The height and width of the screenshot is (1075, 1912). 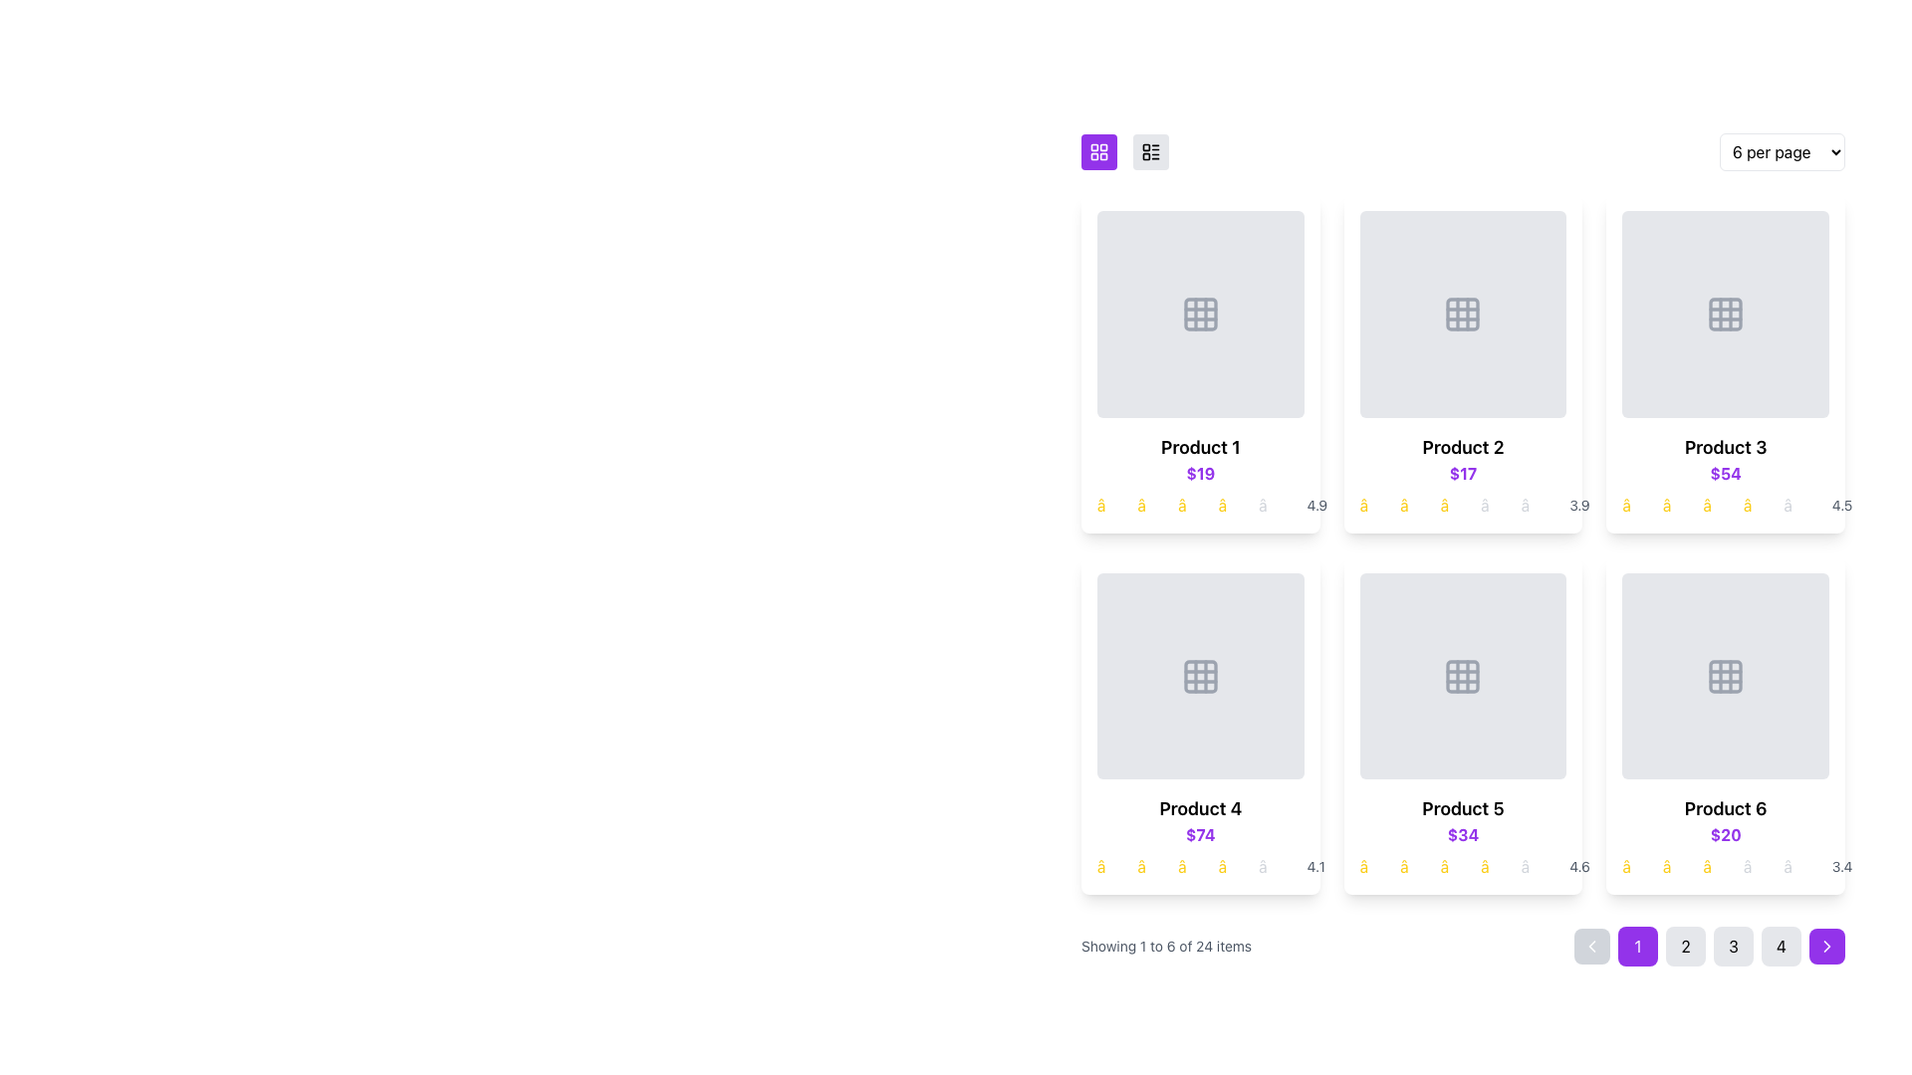 What do you see at coordinates (1199, 809) in the screenshot?
I see `text displayed in the bold label 'Product 4' located above the price '$74' in the fourth product card of the second row` at bounding box center [1199, 809].